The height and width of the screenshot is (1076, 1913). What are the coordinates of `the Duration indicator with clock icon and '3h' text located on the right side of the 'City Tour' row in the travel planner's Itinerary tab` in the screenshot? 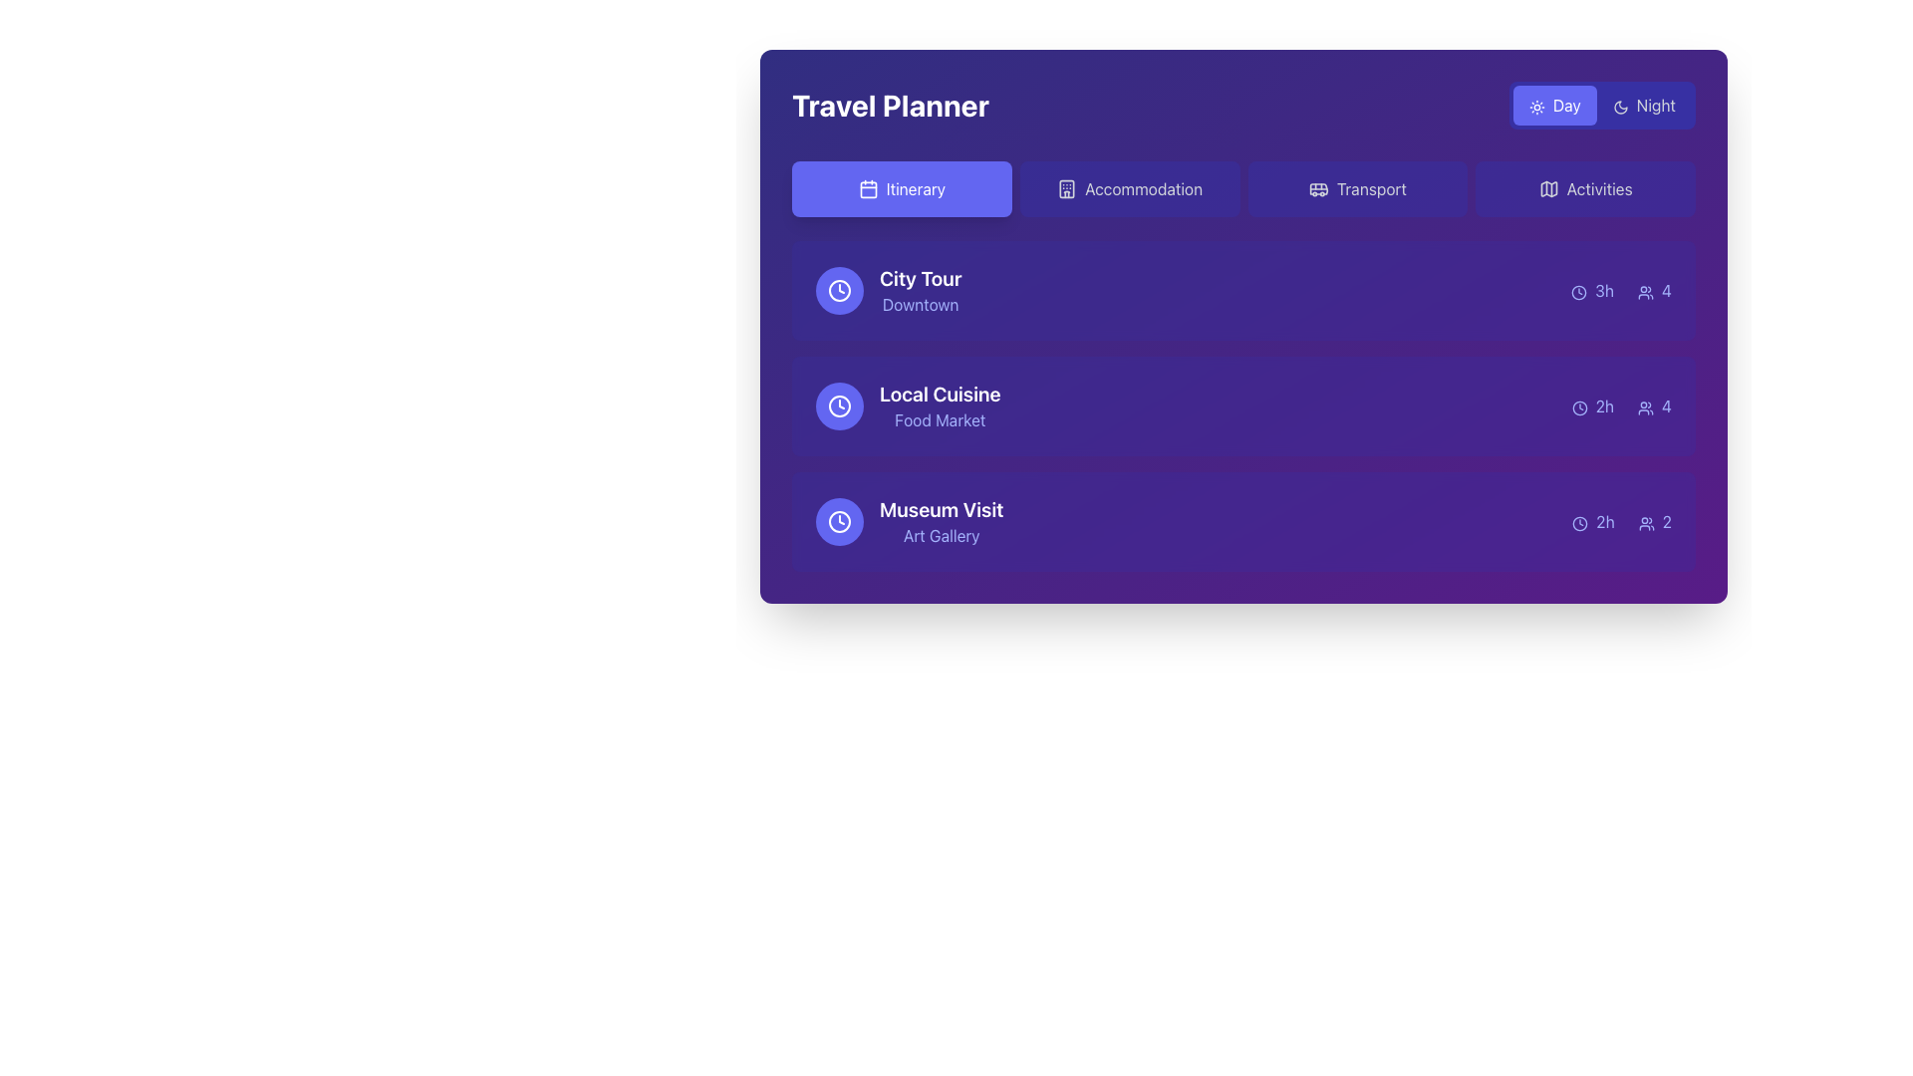 It's located at (1591, 291).